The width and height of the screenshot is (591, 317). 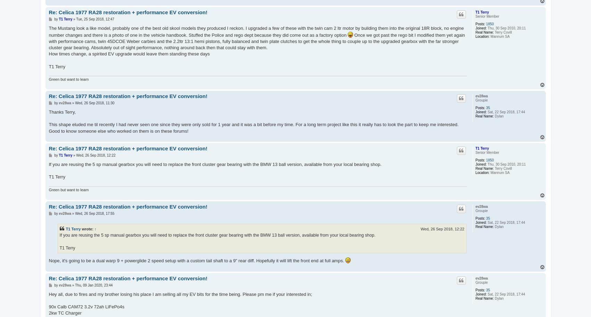 What do you see at coordinates (253, 127) in the screenshot?
I see `'This shape eluded me til recently I had never seen one since they were only sold for 1 year and it was a bit before my time. For a long term project like this it really has to look the part to keep me interested. Good to know someone else who worked on them is on these forums!'` at bounding box center [253, 127].